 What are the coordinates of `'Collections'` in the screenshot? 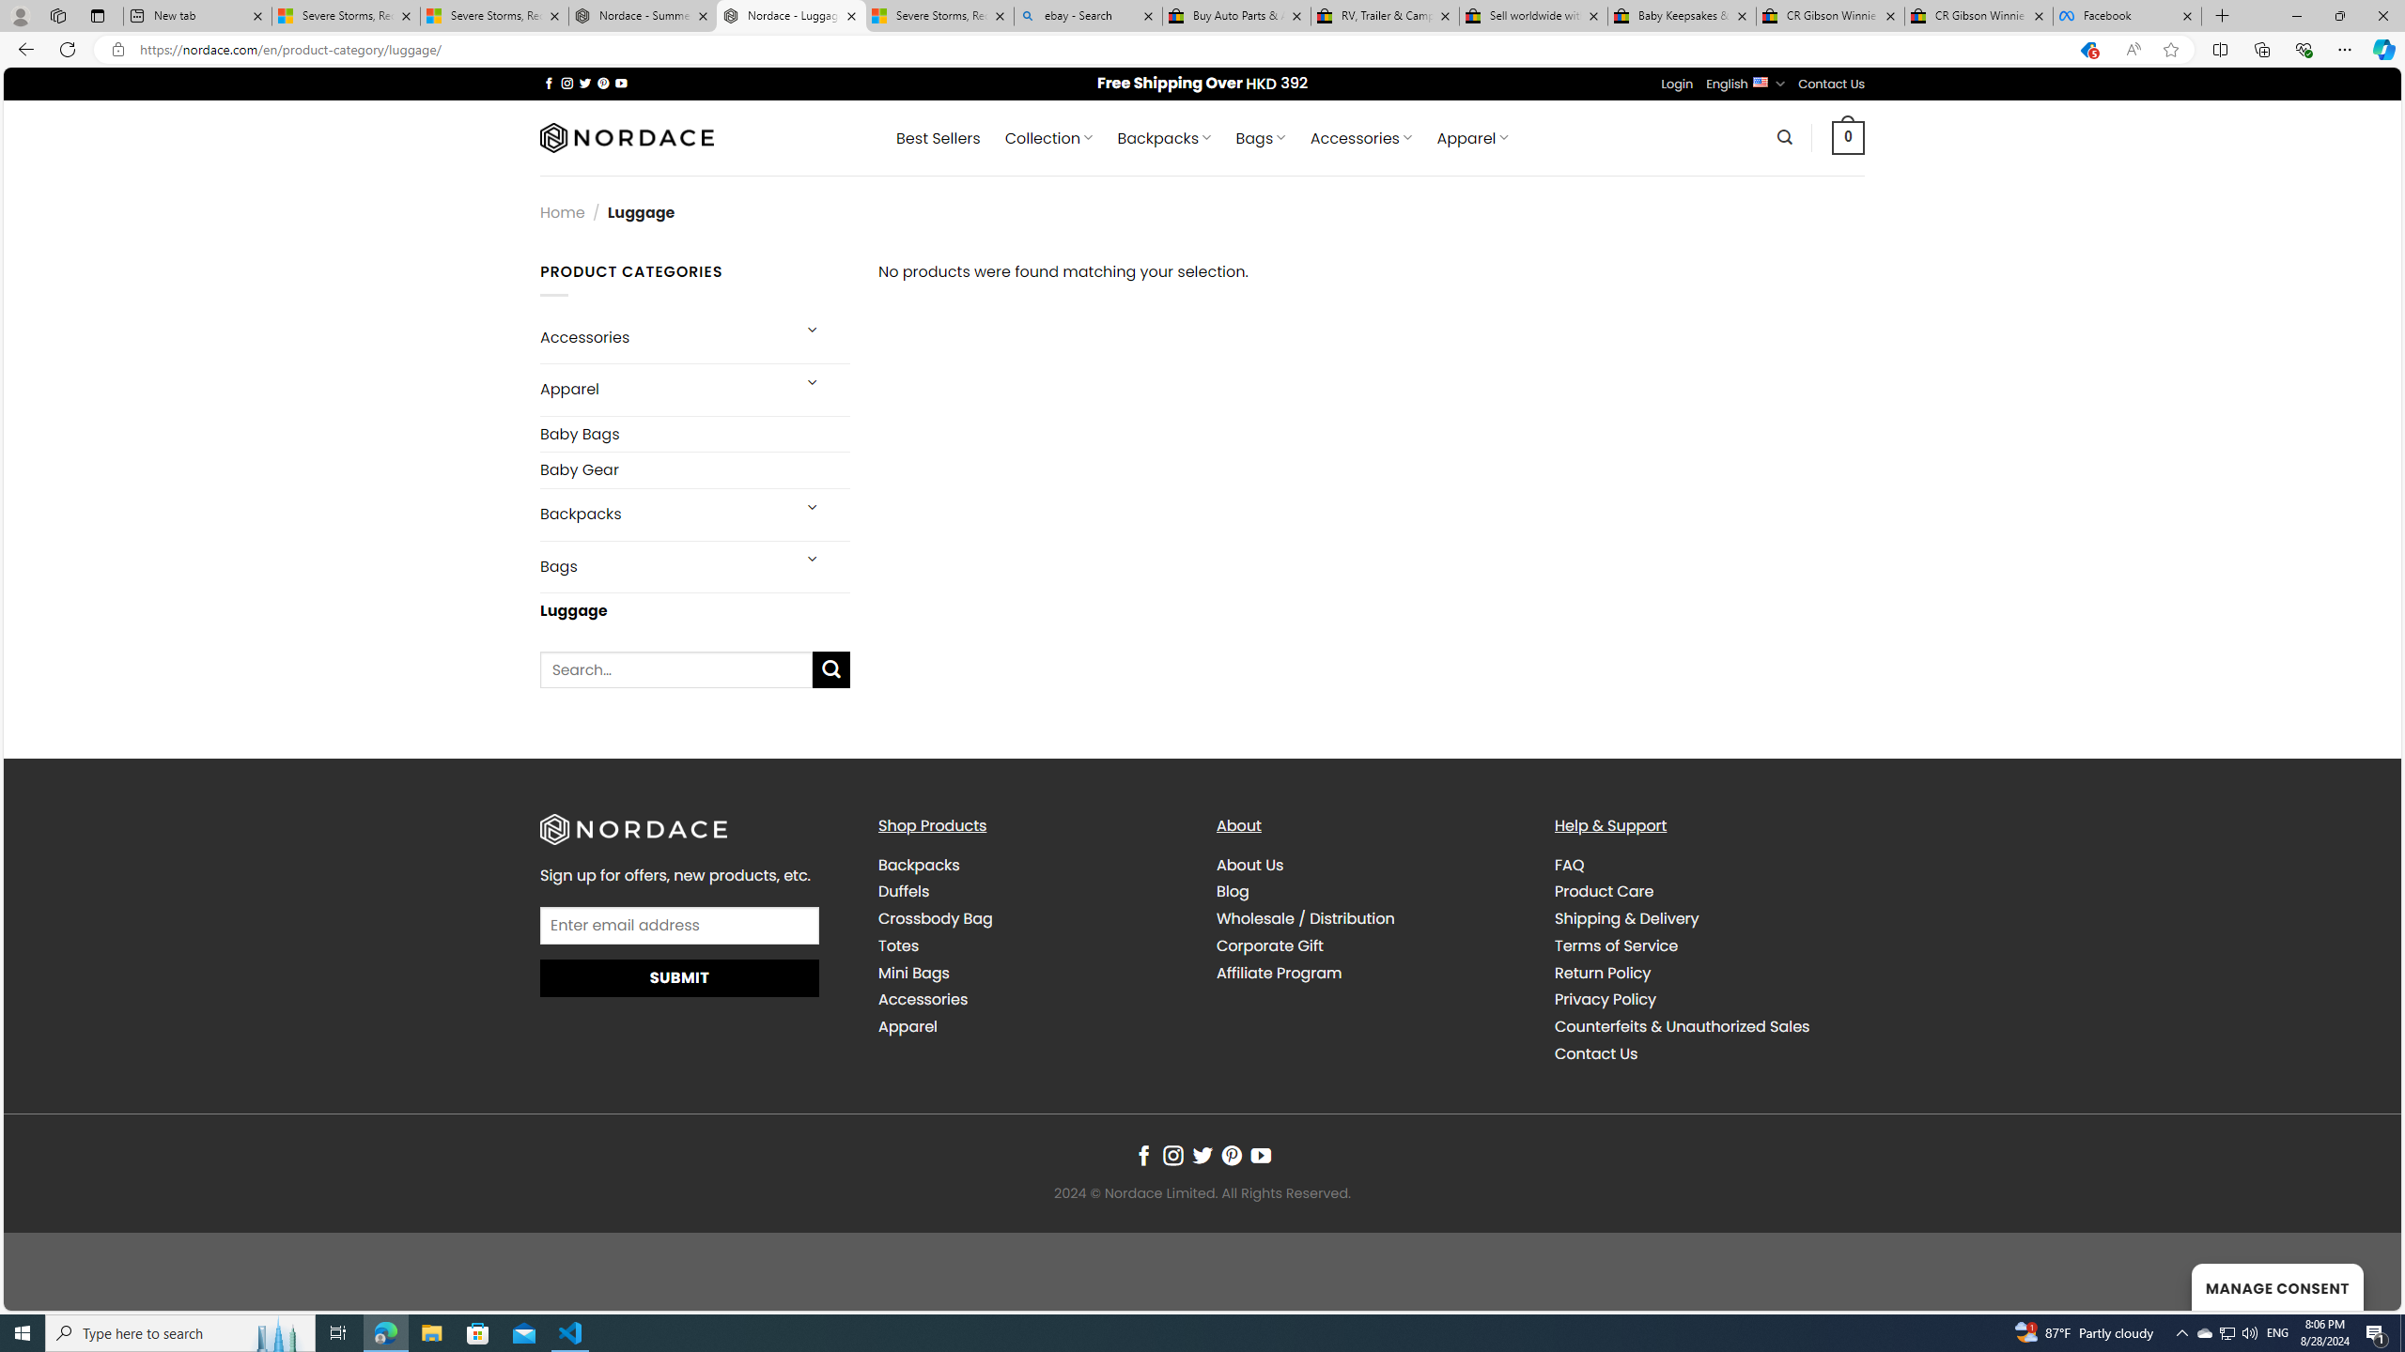 It's located at (2260, 48).